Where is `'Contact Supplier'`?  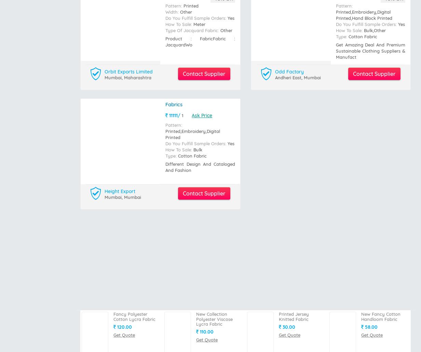 'Contact Supplier' is located at coordinates (204, 42).